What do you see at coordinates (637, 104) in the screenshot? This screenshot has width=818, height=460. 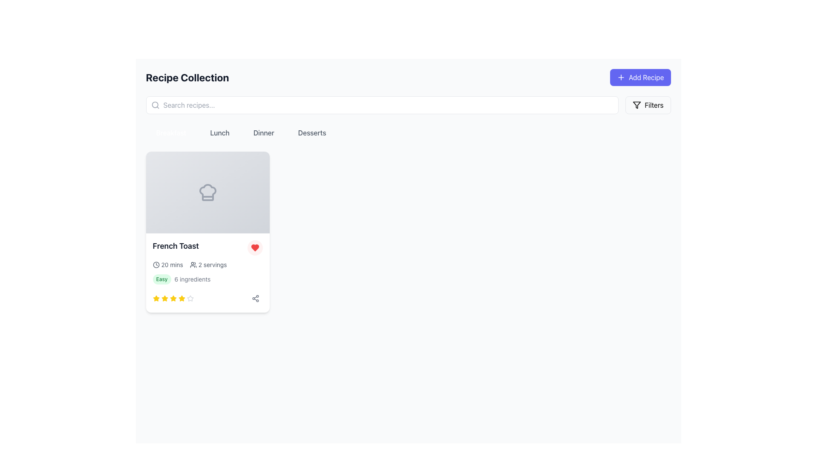 I see `the funnel icon inside the 'Filters' button` at bounding box center [637, 104].